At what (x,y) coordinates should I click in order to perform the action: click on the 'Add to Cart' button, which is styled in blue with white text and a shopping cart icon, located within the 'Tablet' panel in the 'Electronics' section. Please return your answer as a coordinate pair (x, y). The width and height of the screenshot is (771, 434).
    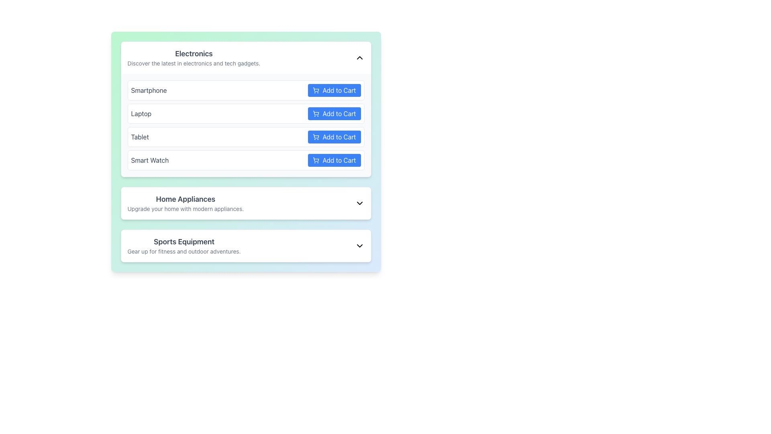
    Looking at the image, I should click on (334, 136).